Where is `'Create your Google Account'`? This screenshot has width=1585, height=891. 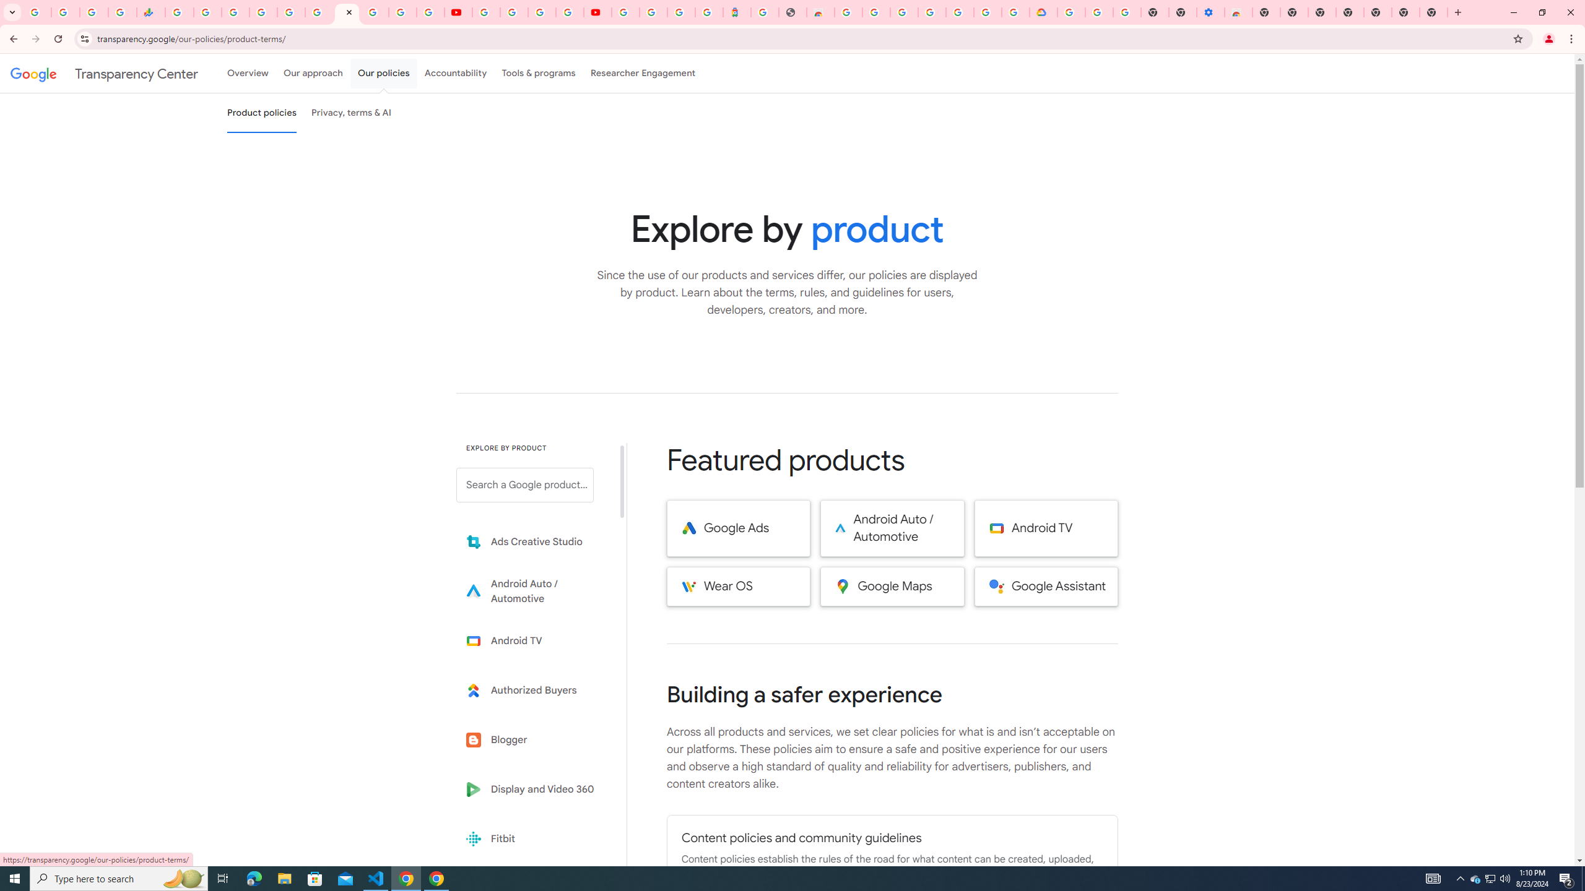
'Create your Google Account' is located at coordinates (542, 12).